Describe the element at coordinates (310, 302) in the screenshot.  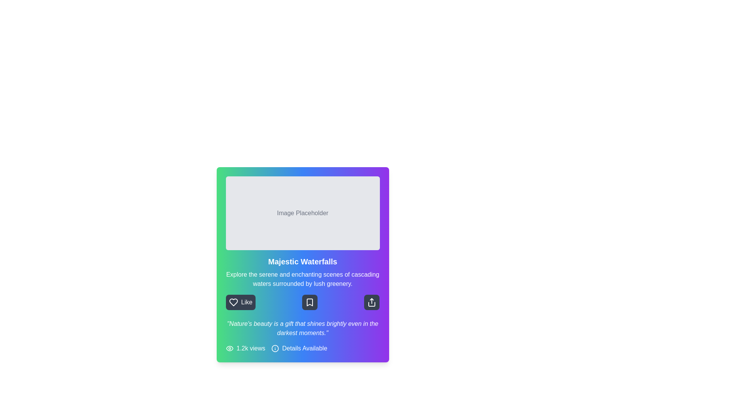
I see `the bookmark icon, which is a minimalistic white paper-shaped marker with a notch at the top, located centrally between the 'Like' and 'Share' buttons in the bottom row of the card` at that location.